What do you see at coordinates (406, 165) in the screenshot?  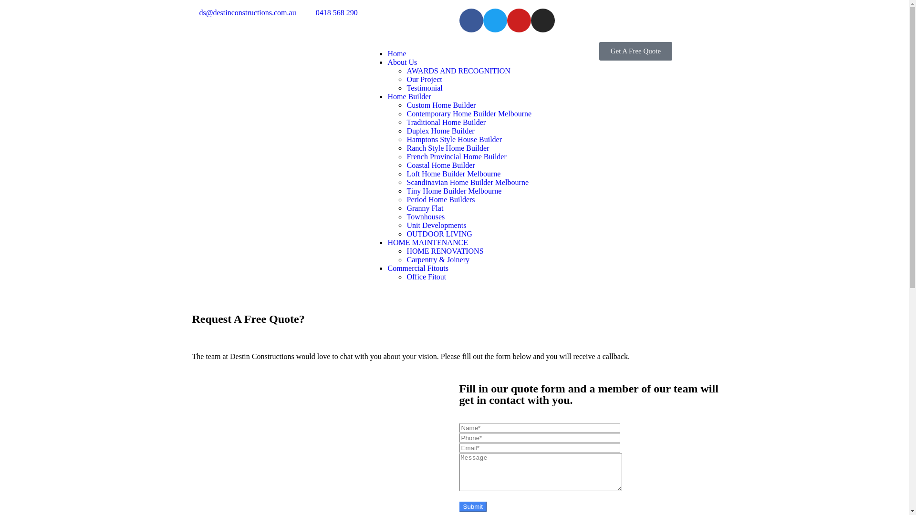 I see `'Coastal Home Builder'` at bounding box center [406, 165].